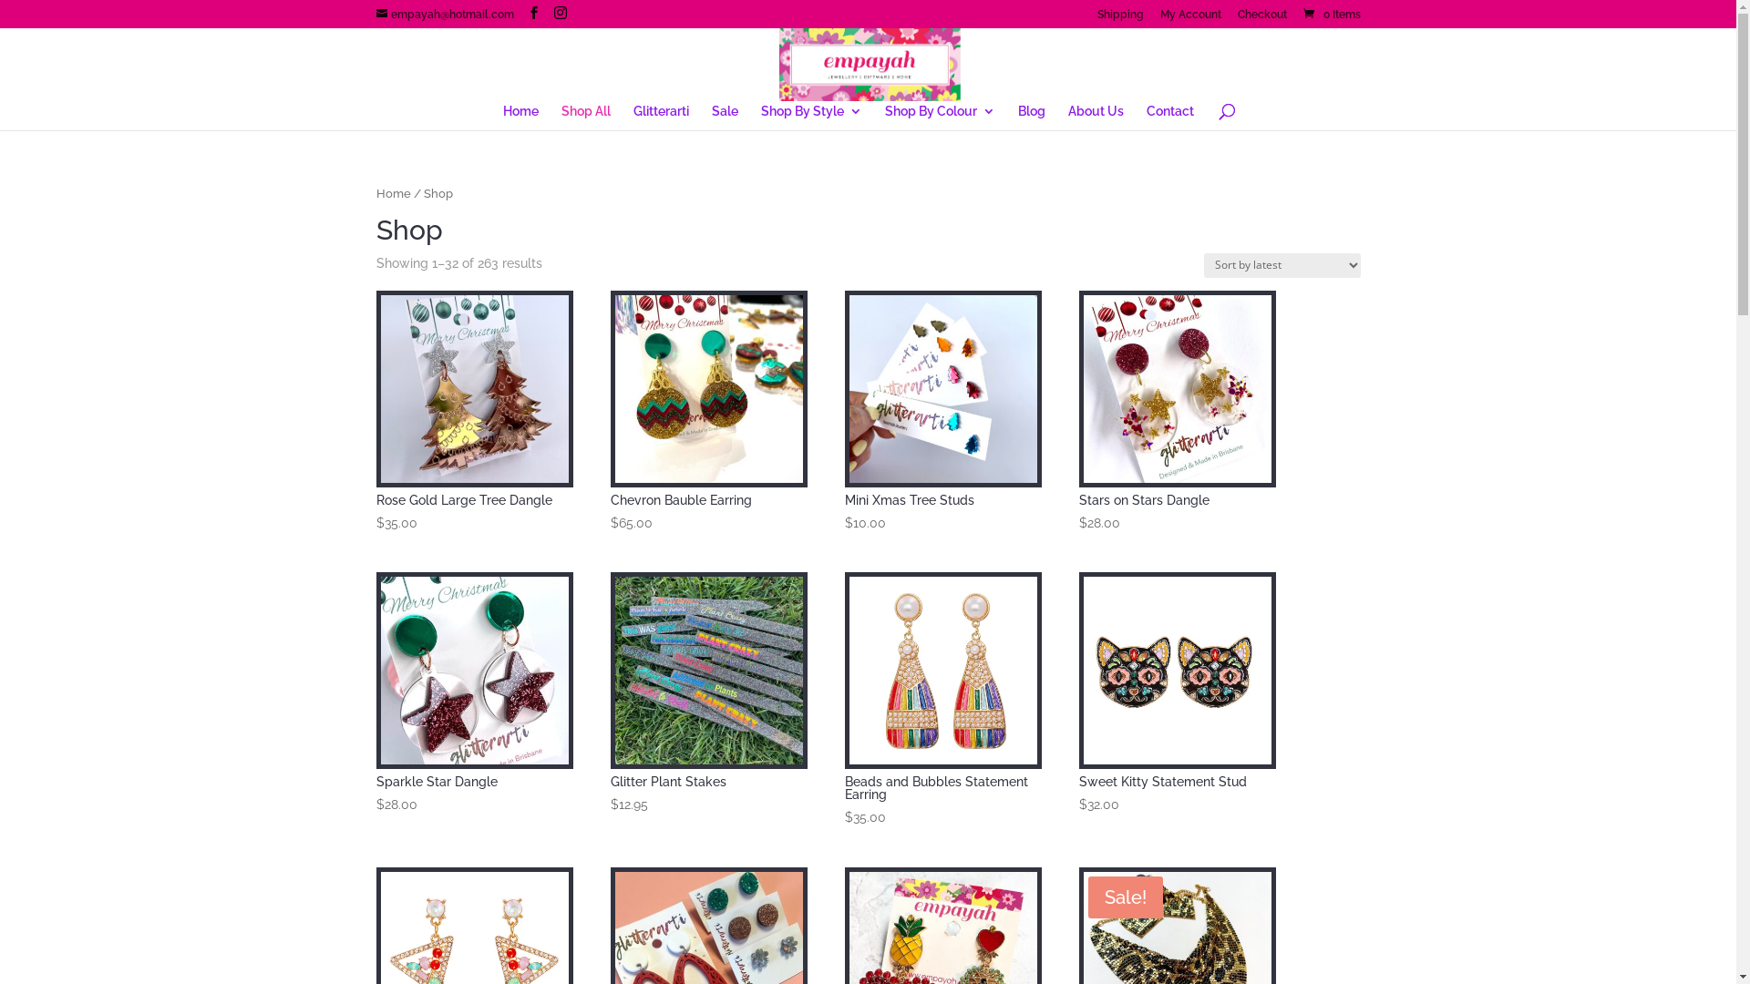 This screenshot has height=984, width=1750. What do you see at coordinates (1169, 117) in the screenshot?
I see `'Contact'` at bounding box center [1169, 117].